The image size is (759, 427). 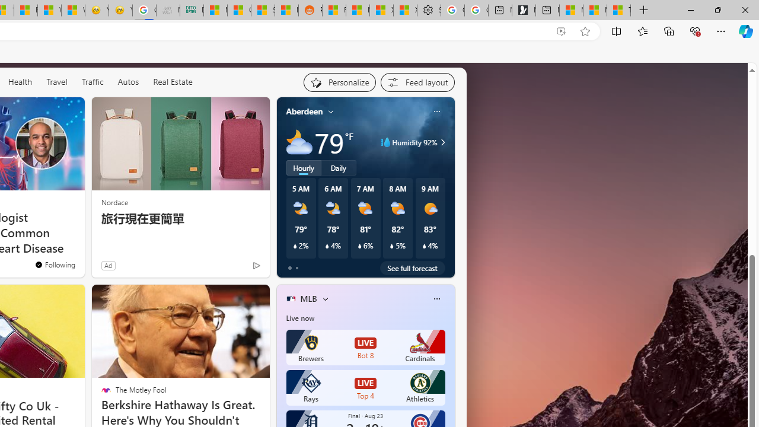 I want to click on 'Travel', so click(x=56, y=81).